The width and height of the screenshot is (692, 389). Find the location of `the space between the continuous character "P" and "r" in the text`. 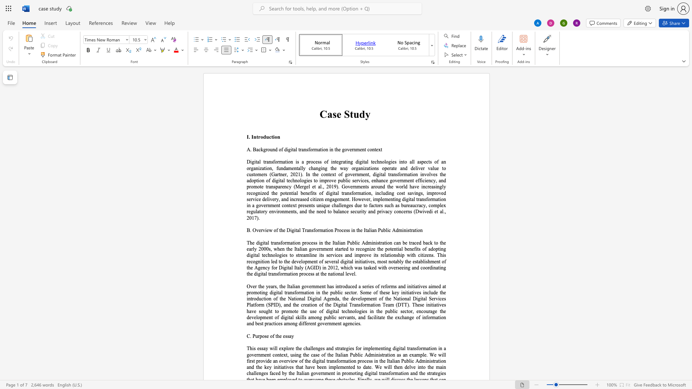

the space between the continuous character "P" and "r" in the text is located at coordinates (337, 230).